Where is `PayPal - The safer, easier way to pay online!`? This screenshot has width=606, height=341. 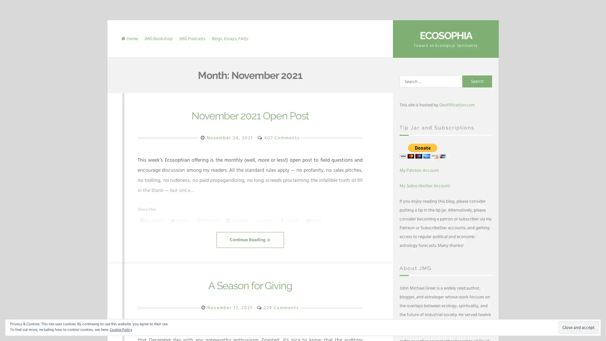 PayPal - The safer, easier way to pay online! is located at coordinates (423, 151).